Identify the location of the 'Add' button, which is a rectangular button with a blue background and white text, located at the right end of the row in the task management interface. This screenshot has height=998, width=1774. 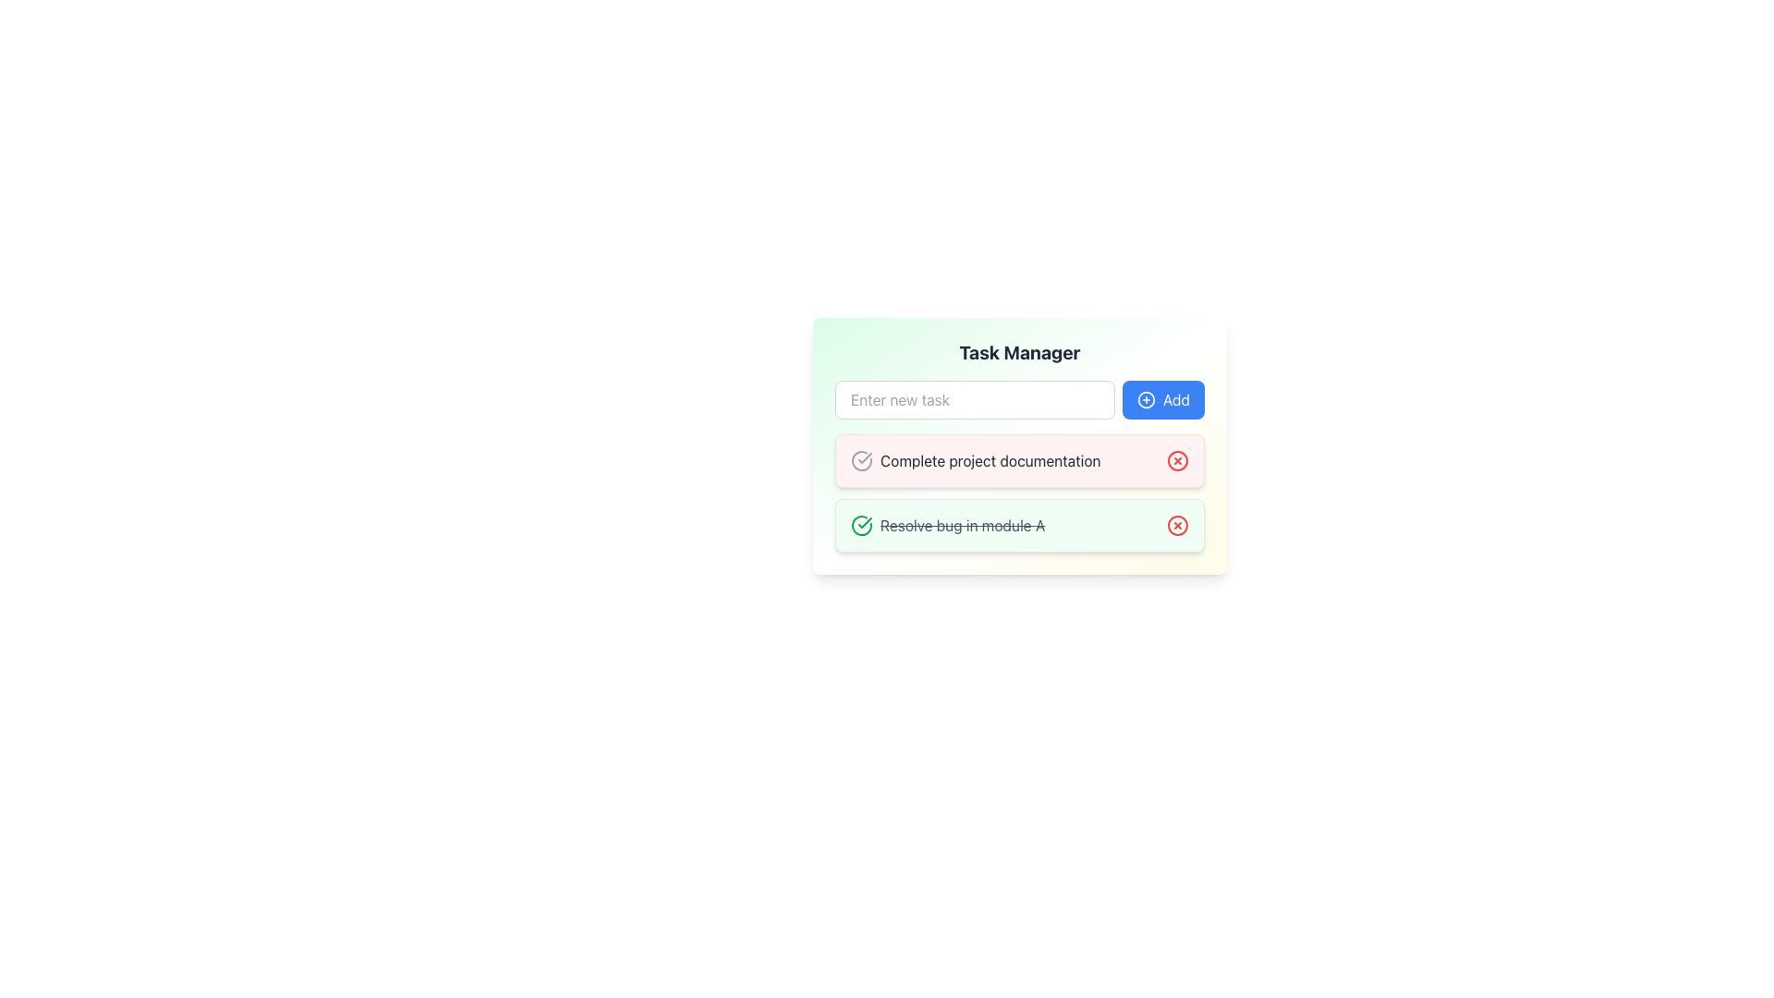
(1161, 398).